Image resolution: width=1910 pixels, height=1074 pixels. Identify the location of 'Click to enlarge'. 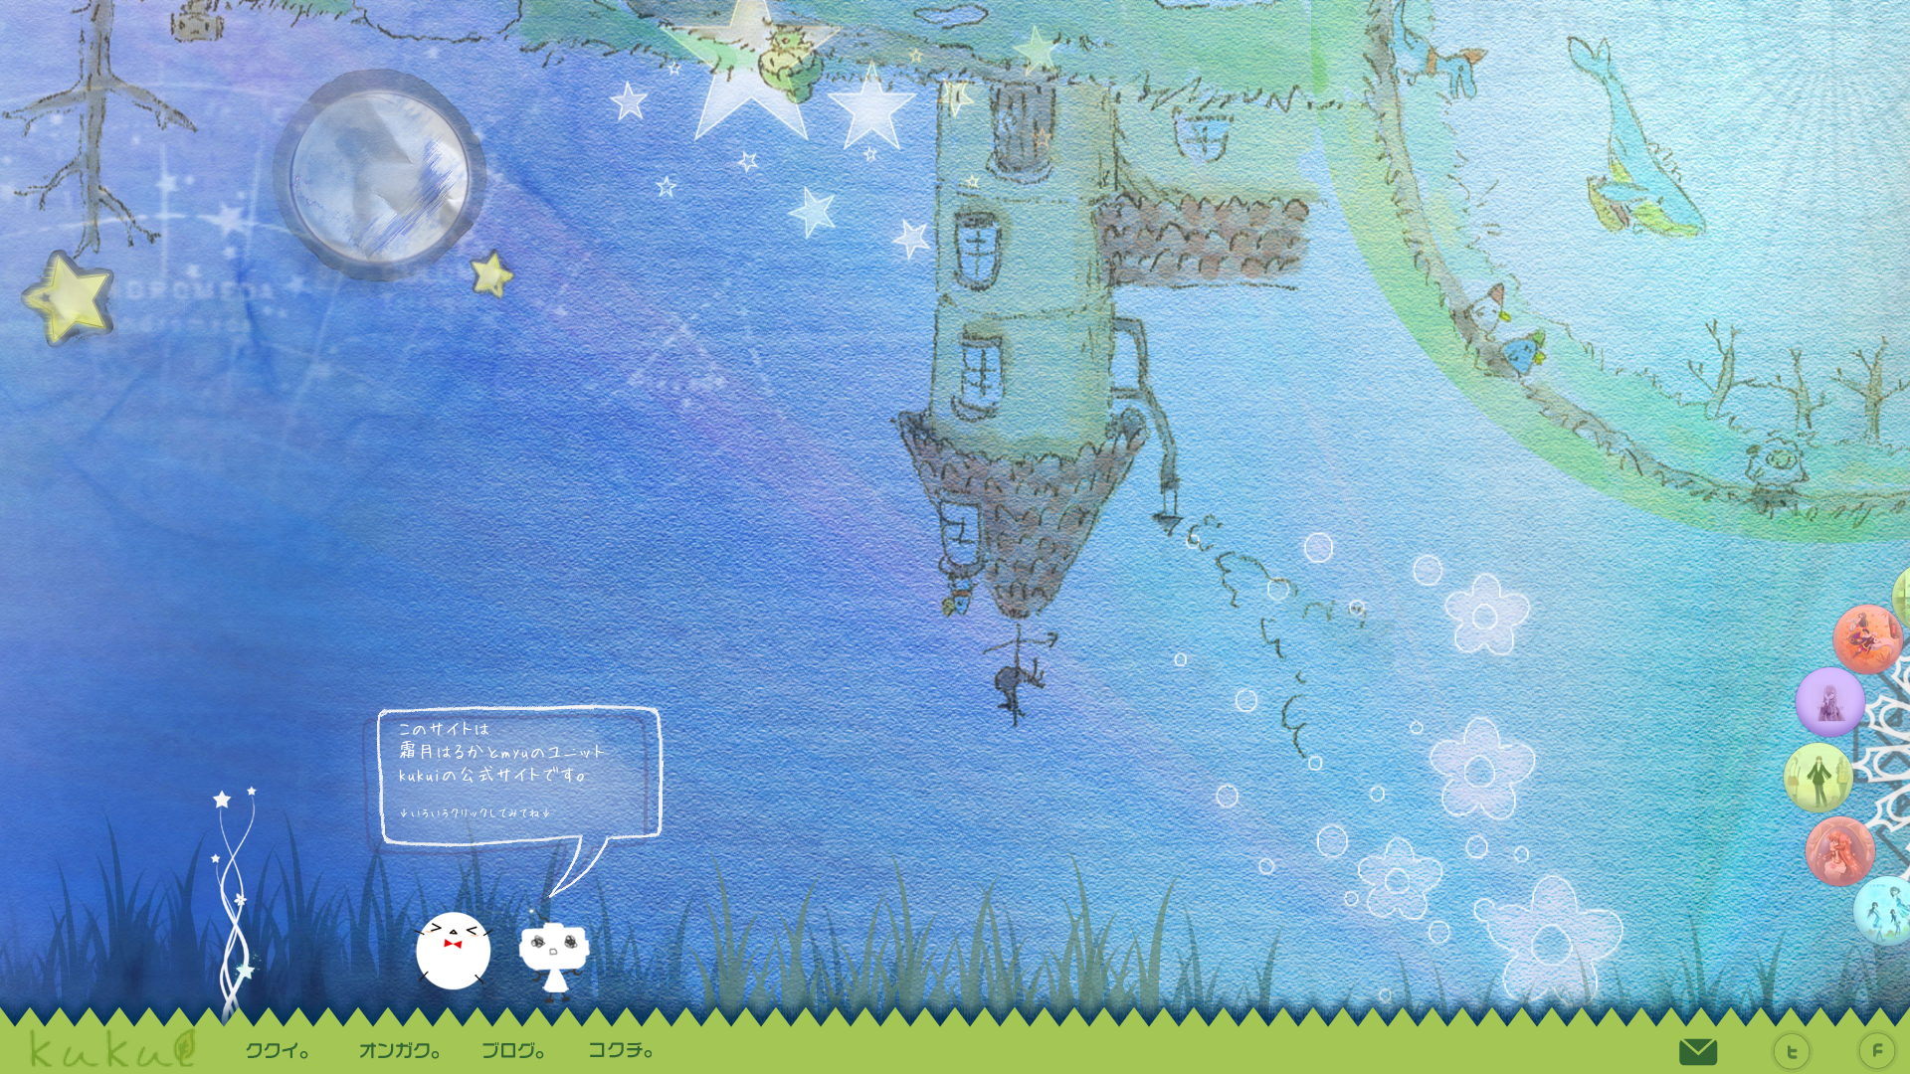
(229, 891).